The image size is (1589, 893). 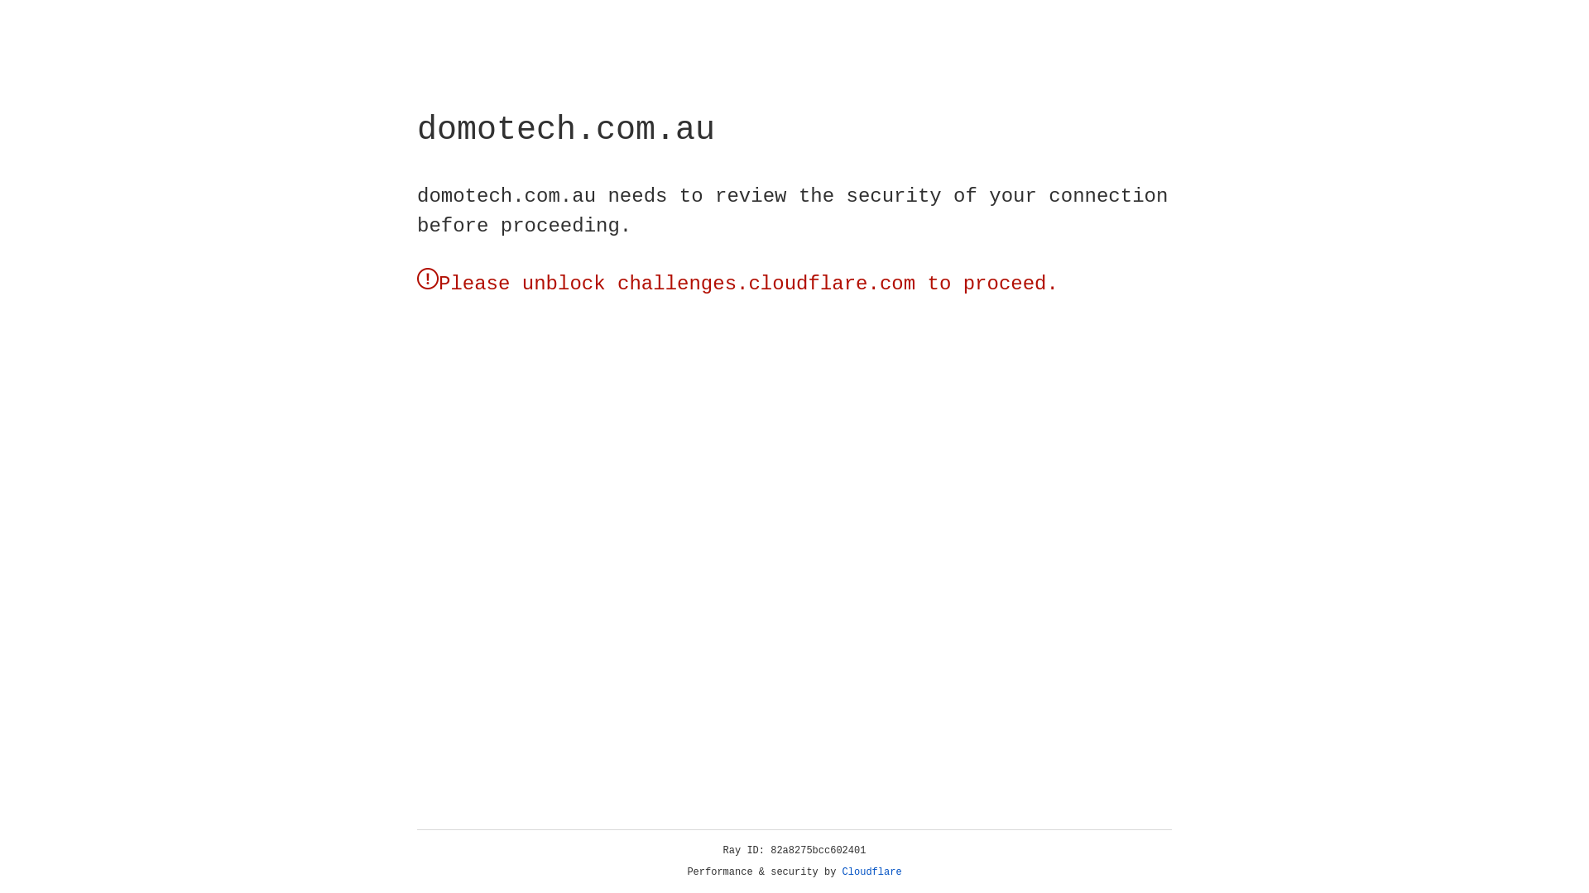 I want to click on 'Cloudflare', so click(x=871, y=872).